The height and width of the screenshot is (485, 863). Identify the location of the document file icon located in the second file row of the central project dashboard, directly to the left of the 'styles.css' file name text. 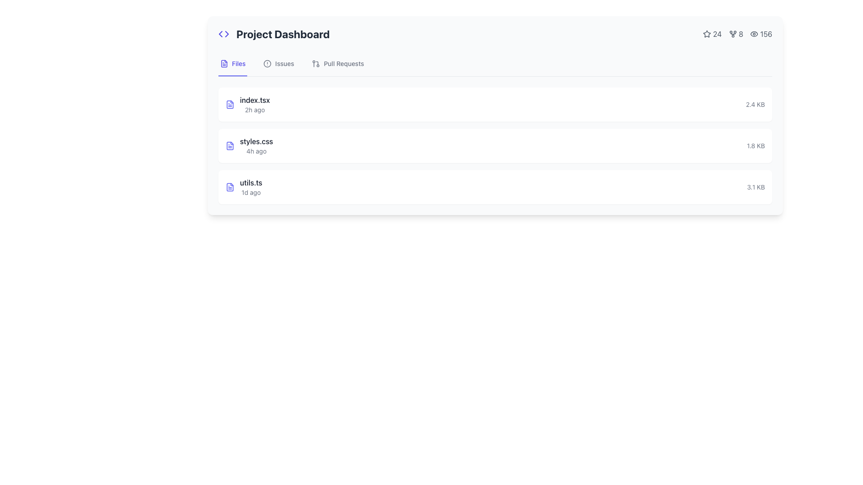
(230, 145).